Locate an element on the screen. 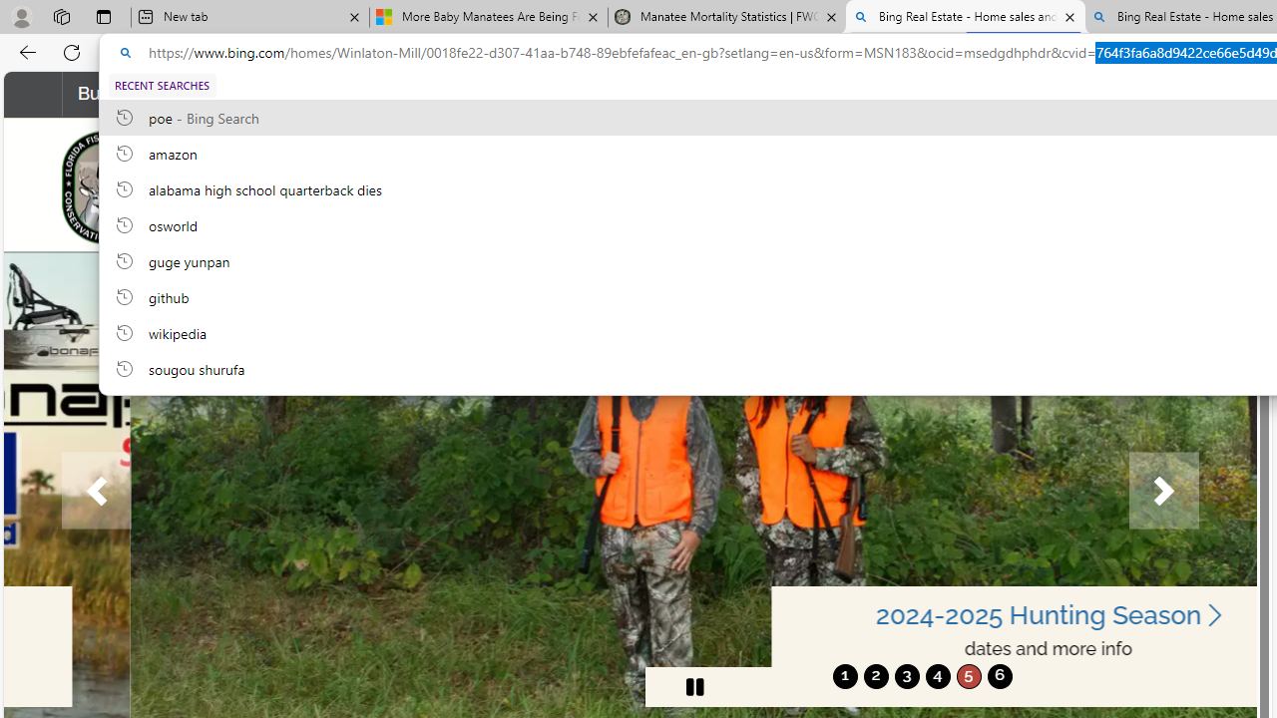  'move to slide 2' is located at coordinates (876, 675).